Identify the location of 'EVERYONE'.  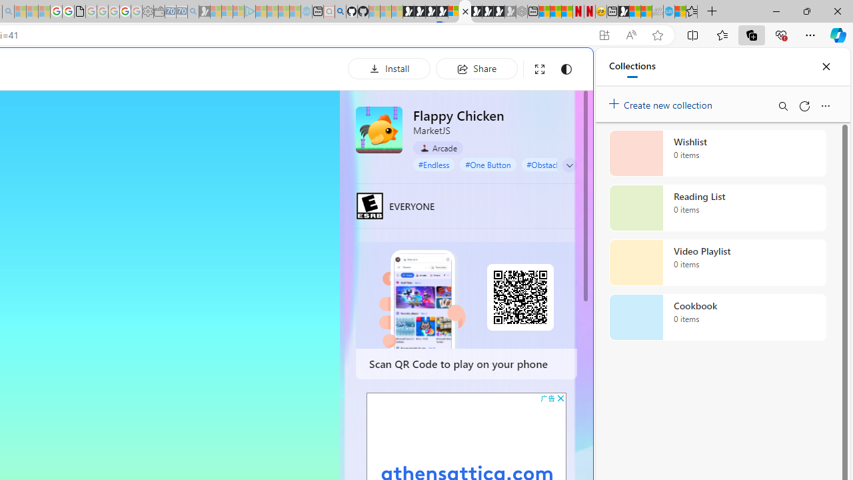
(369, 205).